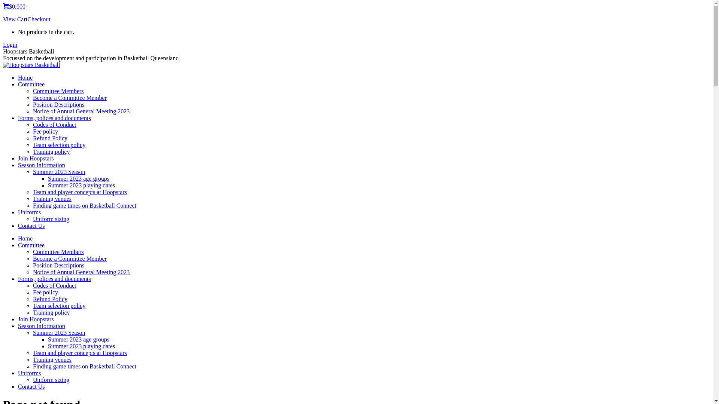  Describe the element at coordinates (32, 124) in the screenshot. I see `'Codes of Conduct'` at that location.